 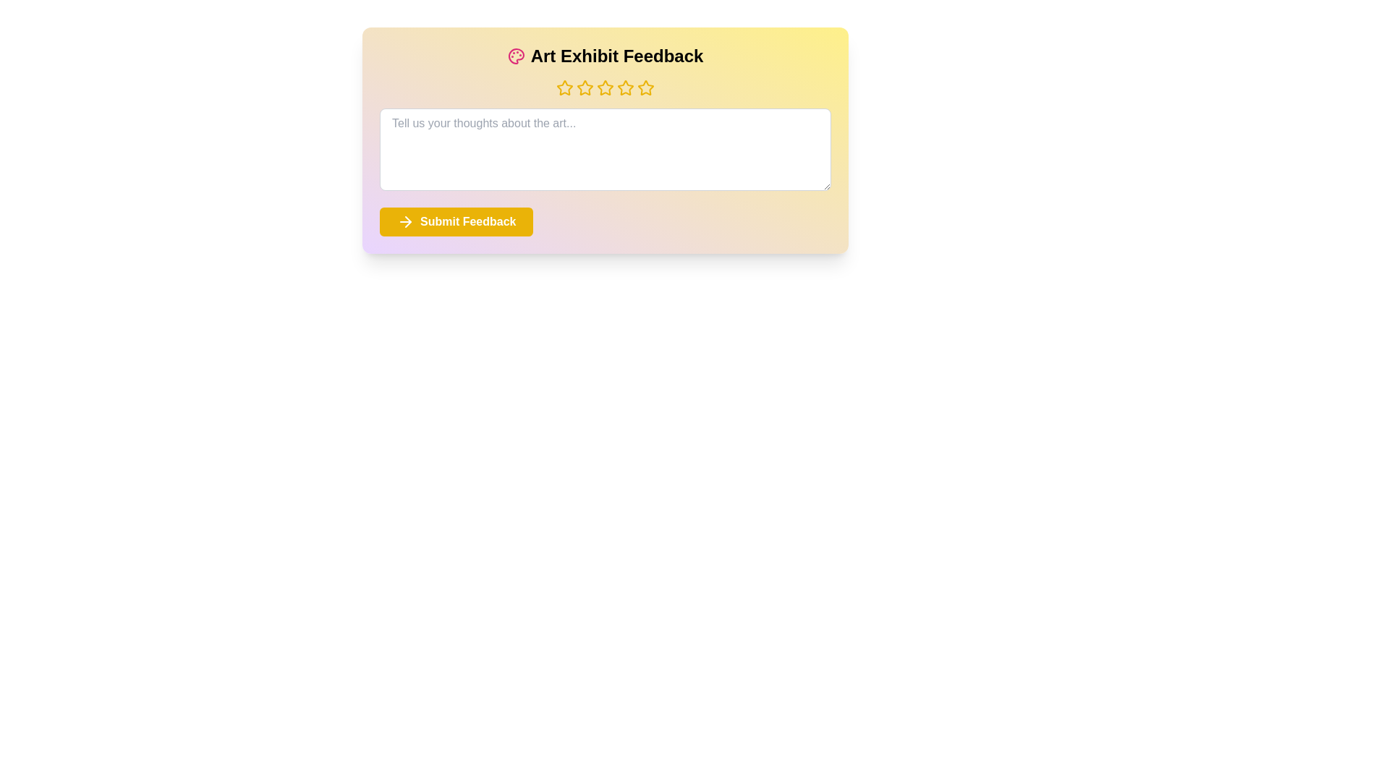 What do you see at coordinates (455, 222) in the screenshot?
I see `the 'Submit Feedback' button to submit the feedback` at bounding box center [455, 222].